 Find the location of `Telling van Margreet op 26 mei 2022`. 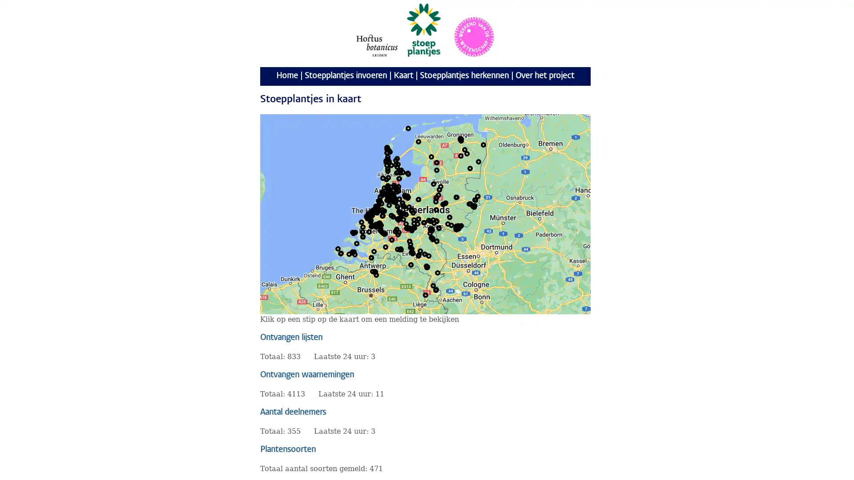

Telling van Margreet op 26 mei 2022 is located at coordinates (461, 139).